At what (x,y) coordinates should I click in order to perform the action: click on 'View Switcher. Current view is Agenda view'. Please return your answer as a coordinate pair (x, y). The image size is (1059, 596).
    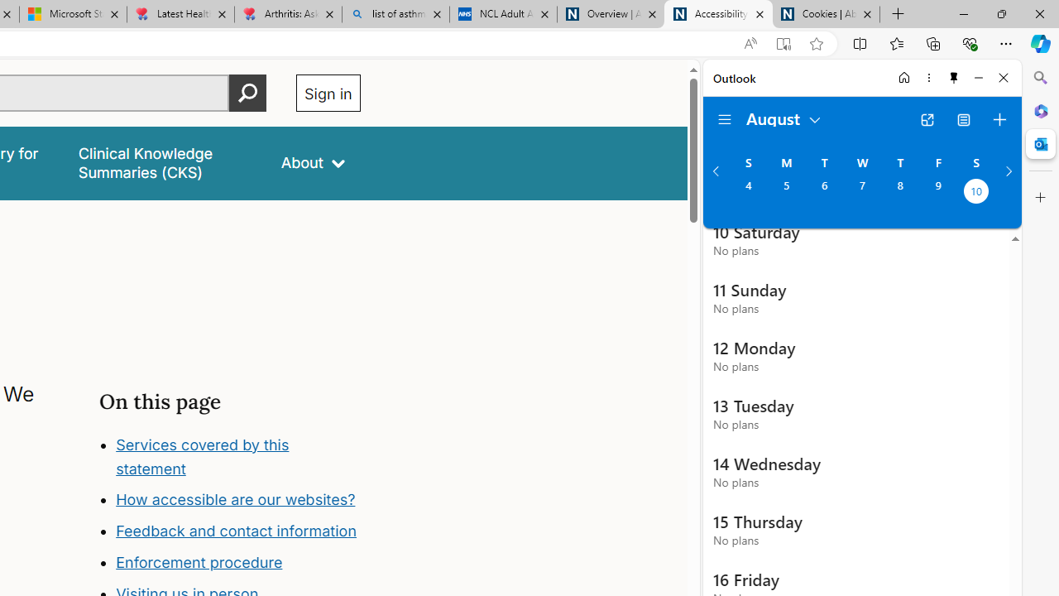
    Looking at the image, I should click on (964, 119).